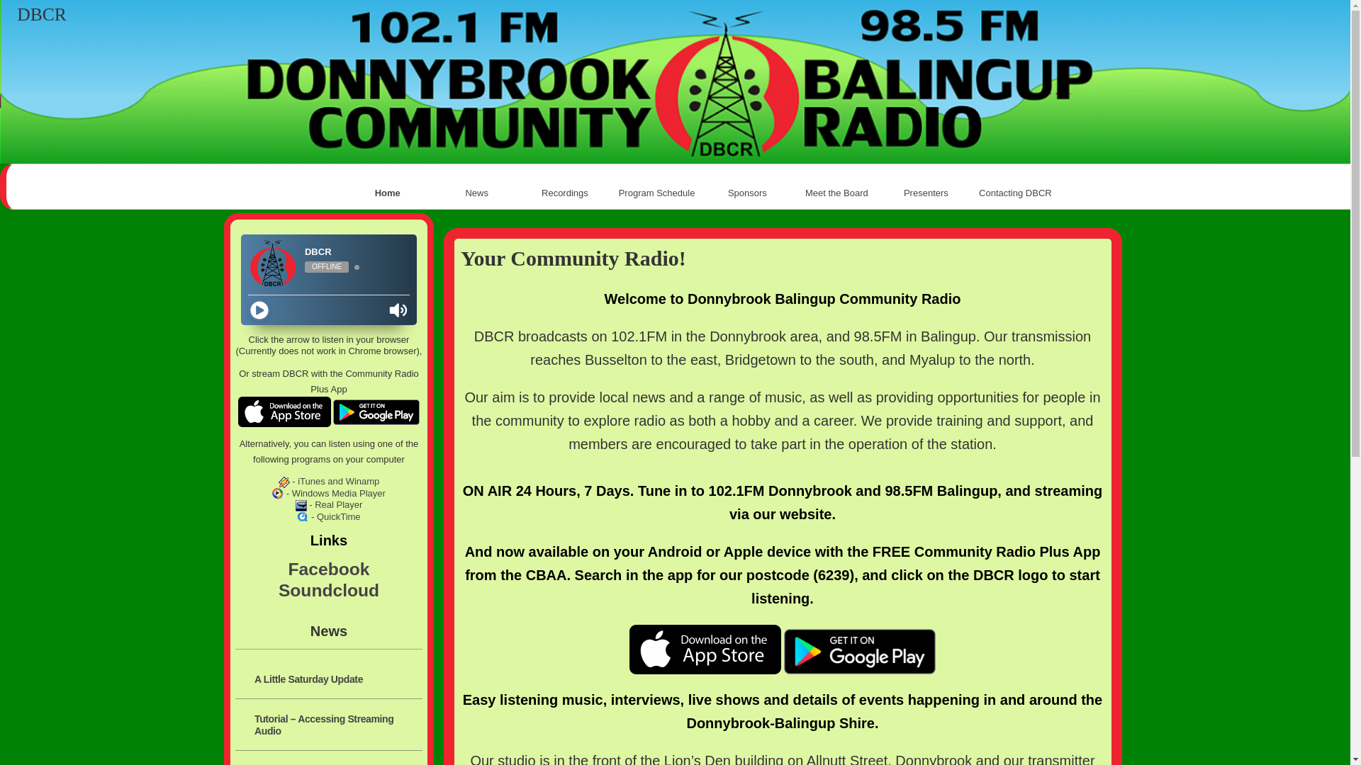 This screenshot has width=1361, height=765. Describe the element at coordinates (656, 193) in the screenshot. I see `'Program Schedule'` at that location.